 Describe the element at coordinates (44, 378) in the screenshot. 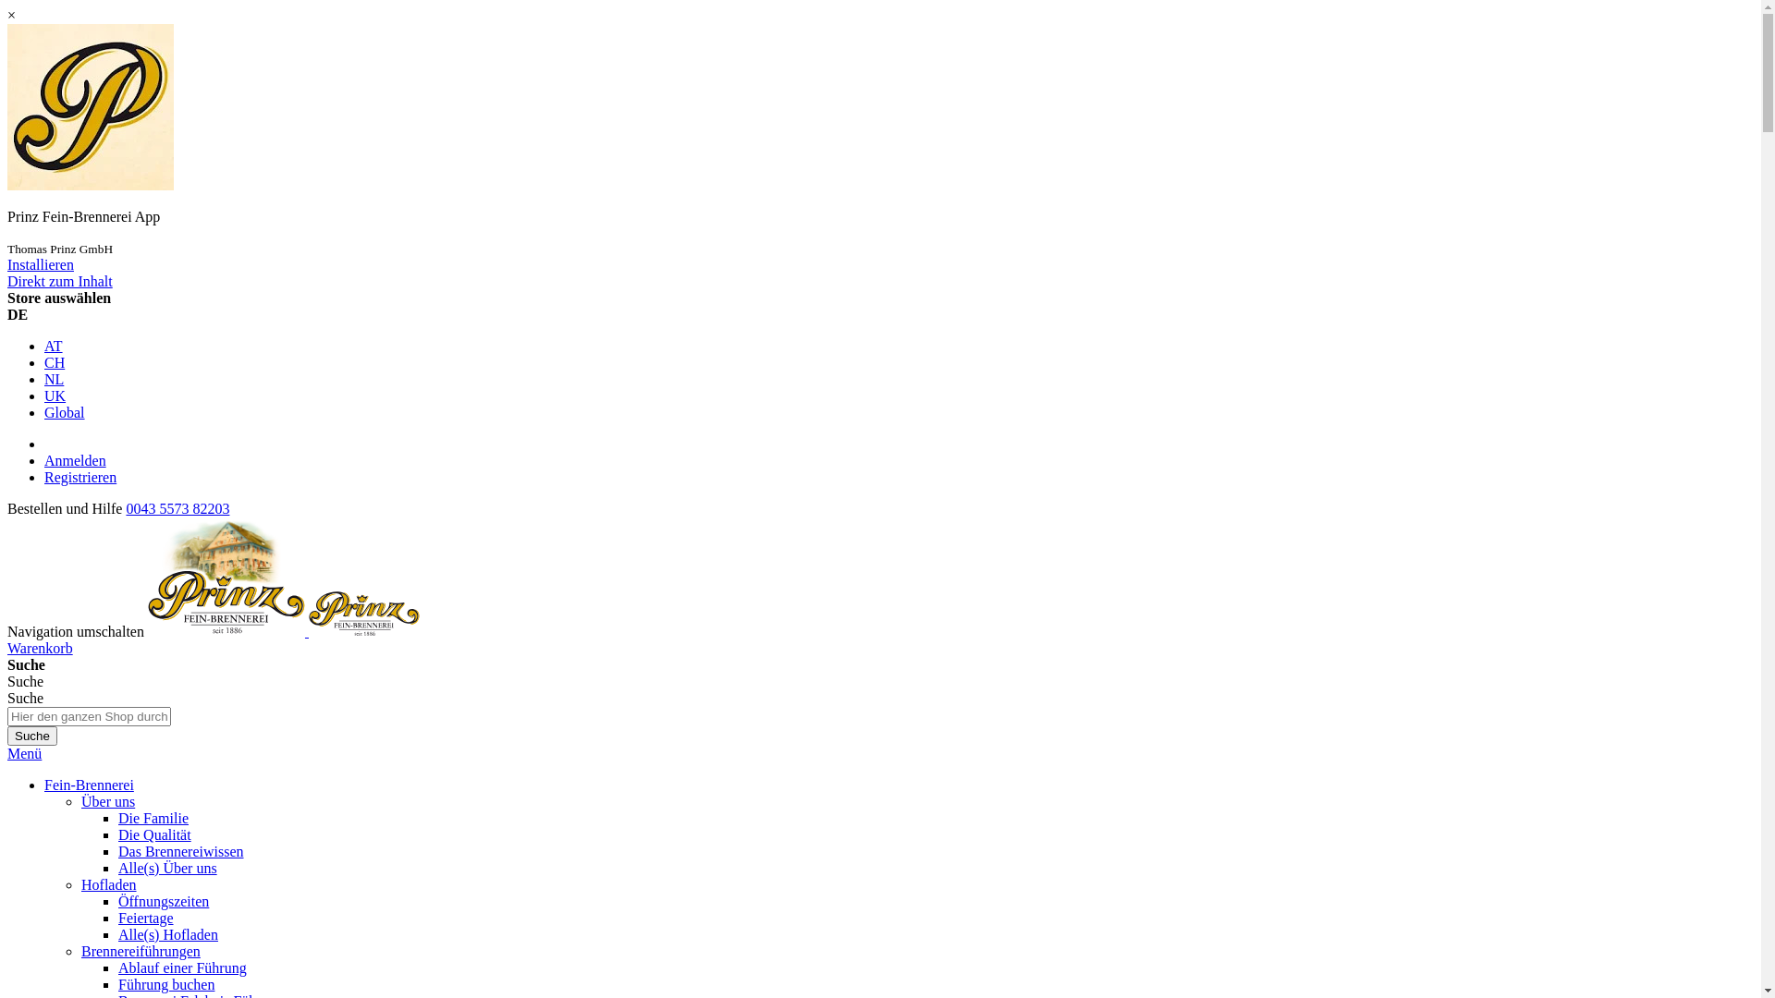

I see `'NL'` at that location.